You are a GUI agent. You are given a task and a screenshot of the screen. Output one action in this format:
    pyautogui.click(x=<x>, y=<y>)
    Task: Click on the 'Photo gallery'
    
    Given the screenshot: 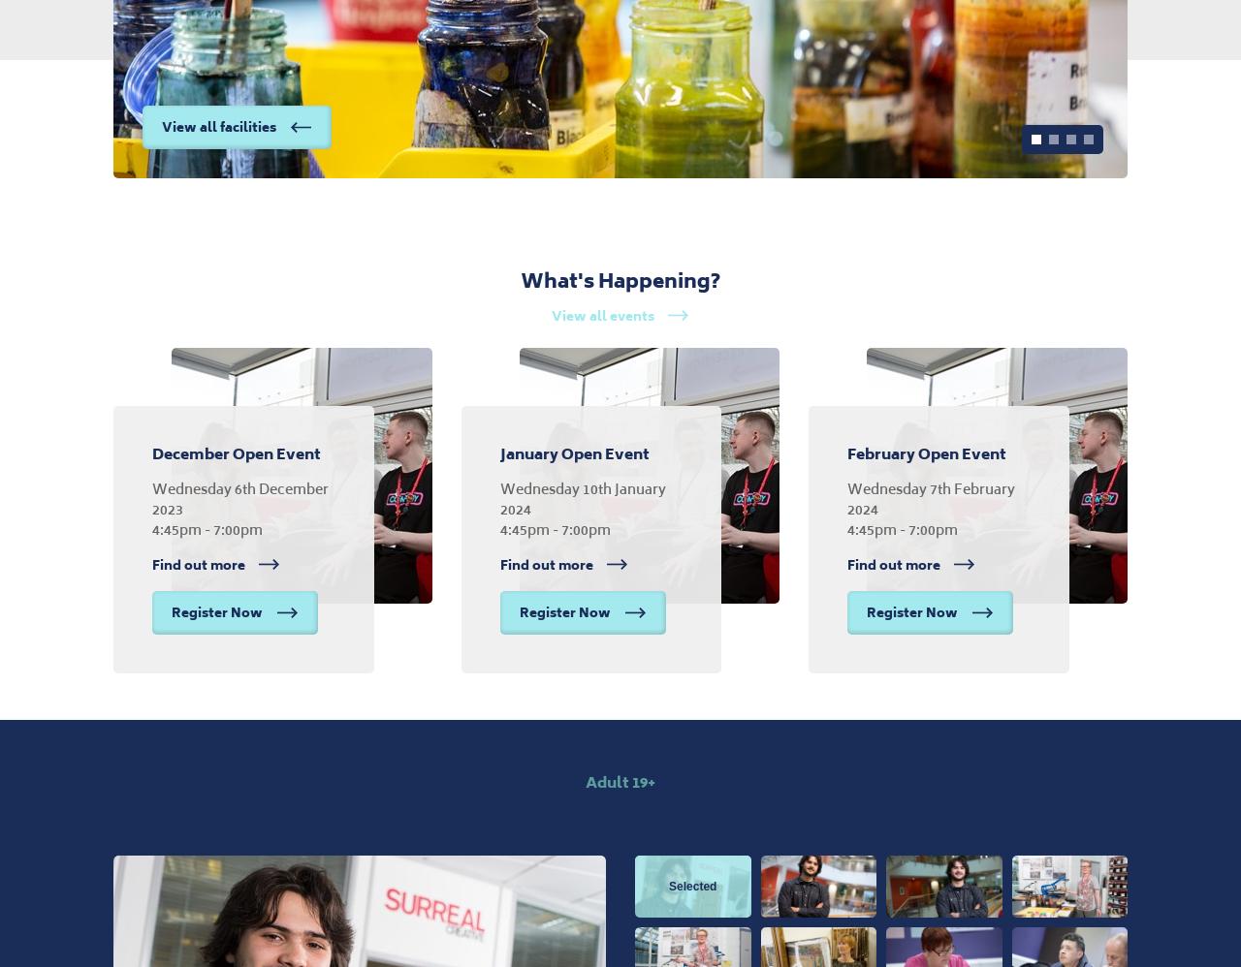 What is the action you would take?
    pyautogui.click(x=618, y=811)
    